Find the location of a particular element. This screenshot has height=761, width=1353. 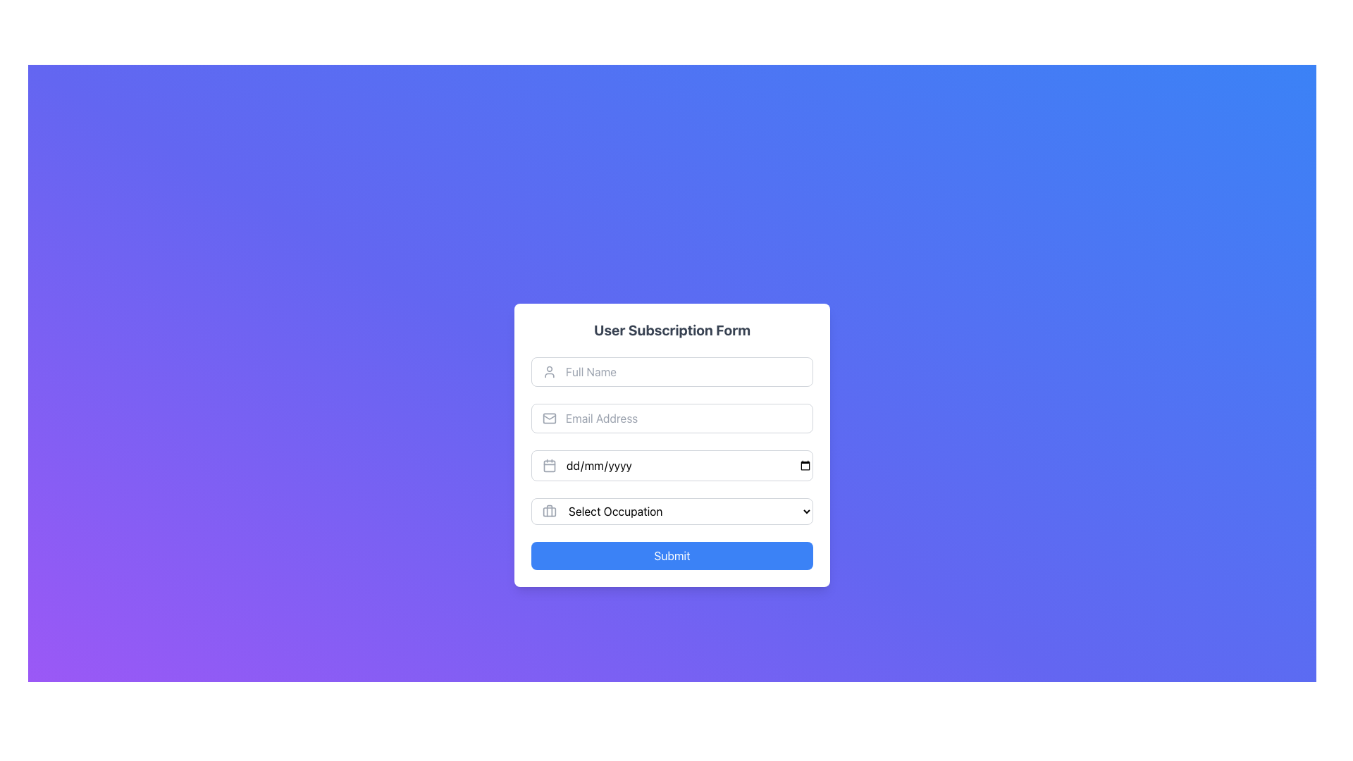

the blue 'Submit' button located at the bottom of the 'User Subscription Form' card is located at coordinates (672, 555).